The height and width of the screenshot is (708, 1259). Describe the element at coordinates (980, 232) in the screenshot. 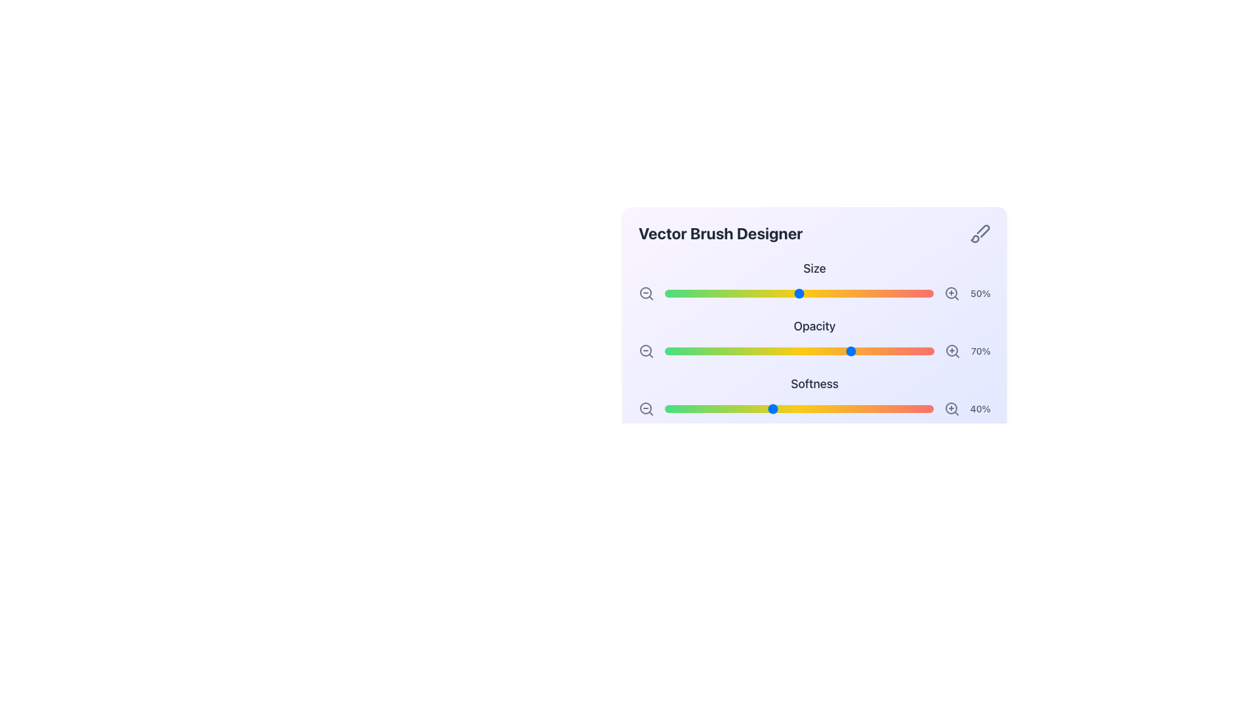

I see `the gray brush icon located` at that location.